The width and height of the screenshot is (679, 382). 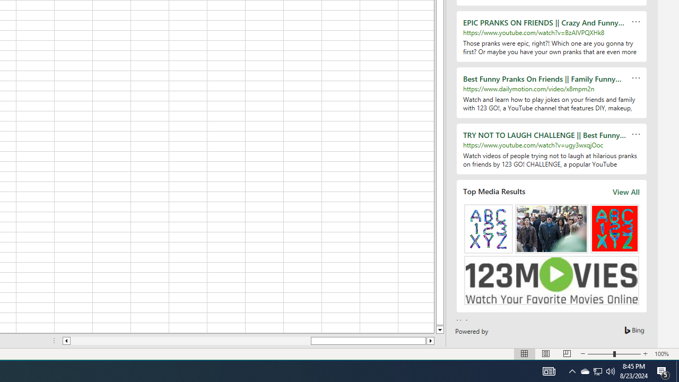 I want to click on 'User Promoted Notification Area', so click(x=598, y=370).